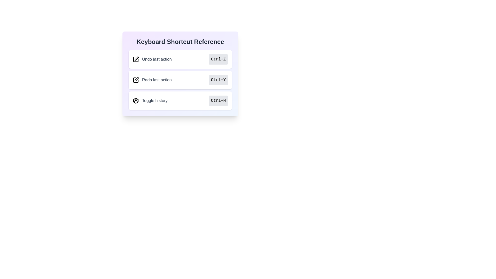  I want to click on the label indicating the keyboard shortcut 'Ctrl+Z' for the 'Undo last action' located to the right of the corresponding text within the 'Keyboard Shortcut Reference' section, so click(218, 59).